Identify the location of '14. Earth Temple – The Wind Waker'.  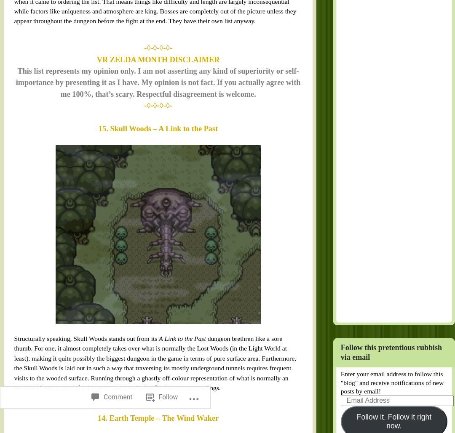
(131, 276).